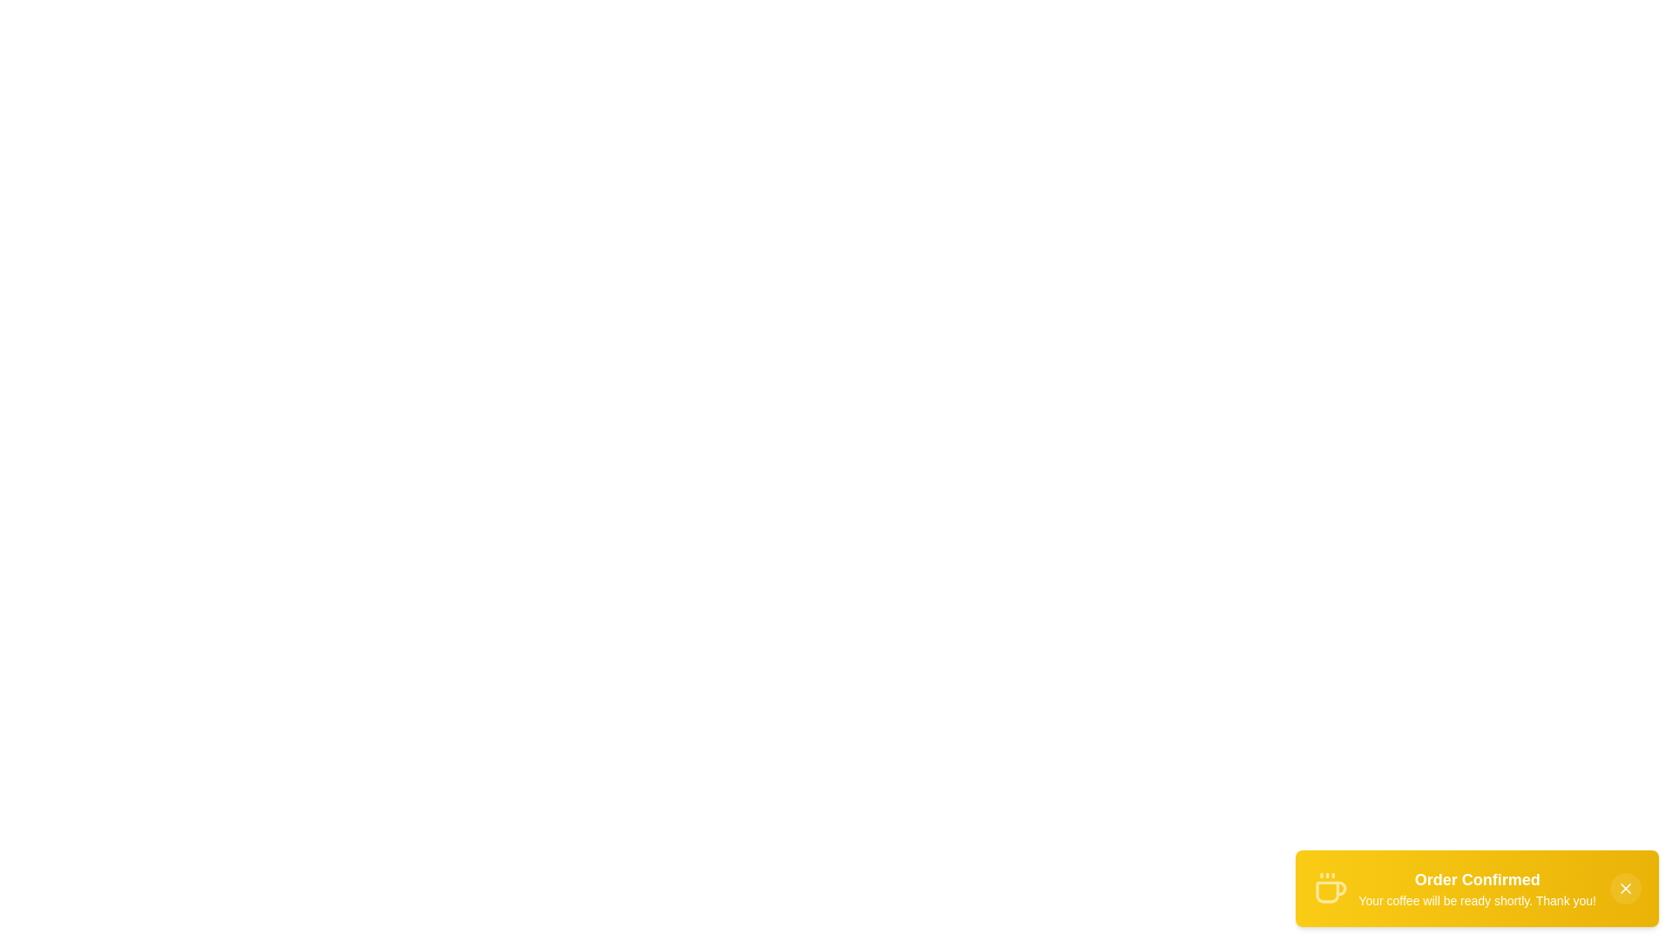 This screenshot has height=941, width=1673. What do you see at coordinates (1330, 888) in the screenshot?
I see `the animated coffee icon to observe its animation` at bounding box center [1330, 888].